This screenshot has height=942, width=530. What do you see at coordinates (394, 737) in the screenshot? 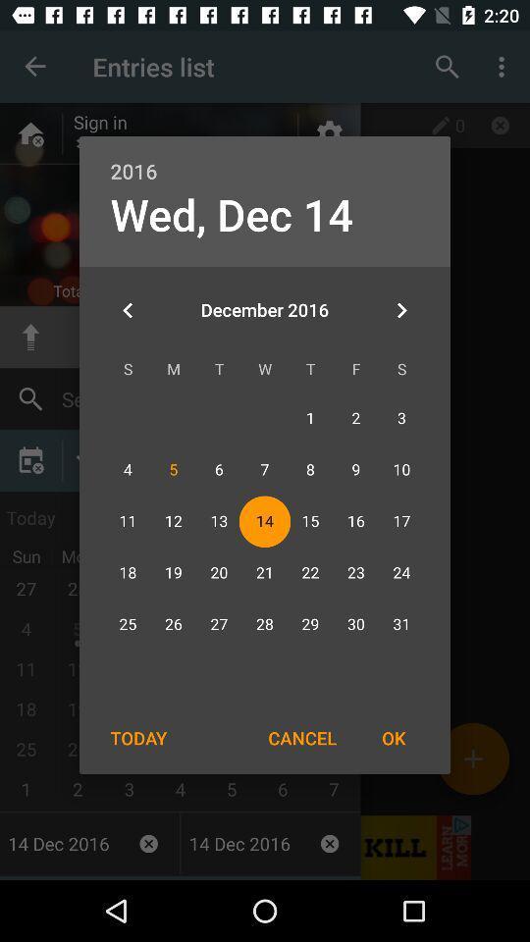
I see `ok item` at bounding box center [394, 737].